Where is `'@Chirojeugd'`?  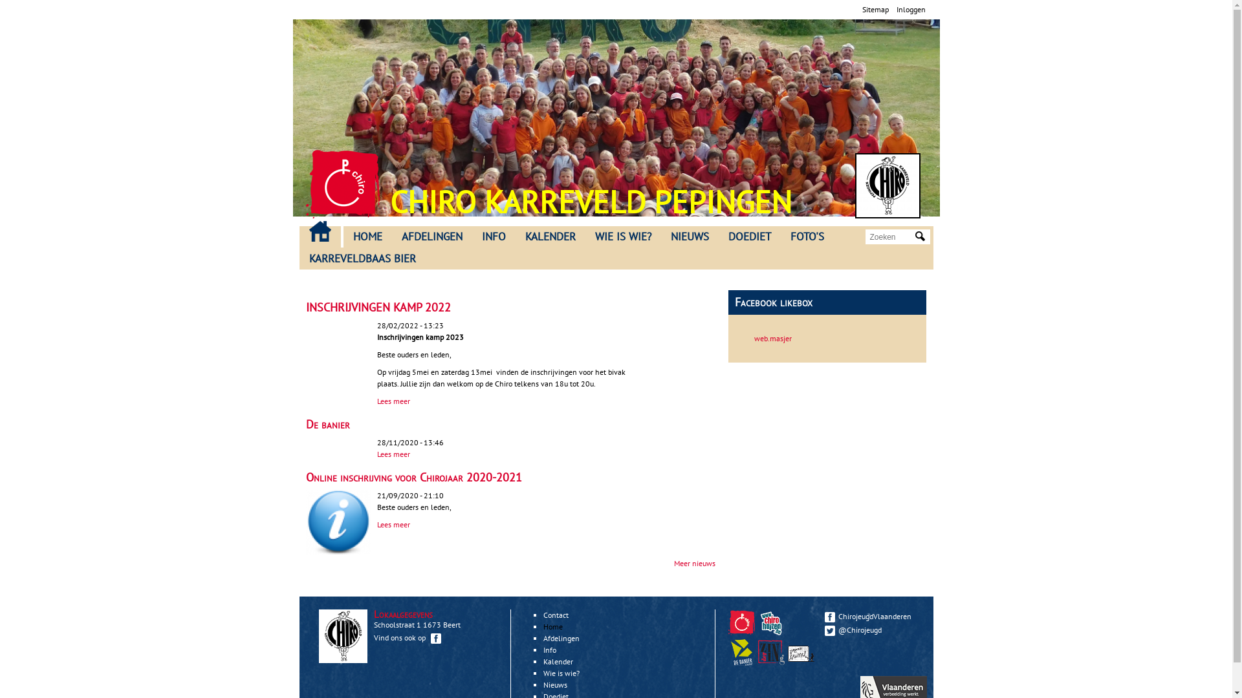 '@Chirojeugd' is located at coordinates (872, 629).